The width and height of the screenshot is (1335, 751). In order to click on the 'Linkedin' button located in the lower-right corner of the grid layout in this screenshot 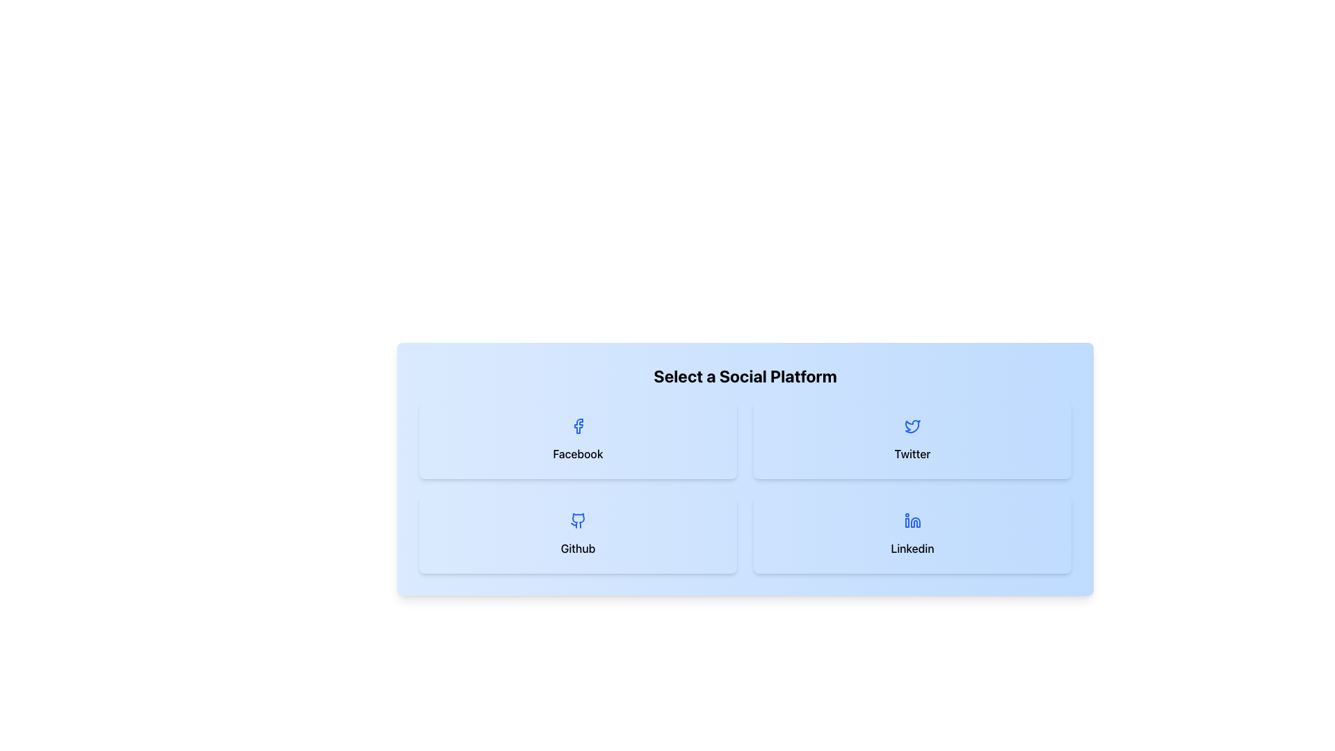, I will do `click(912, 533)`.